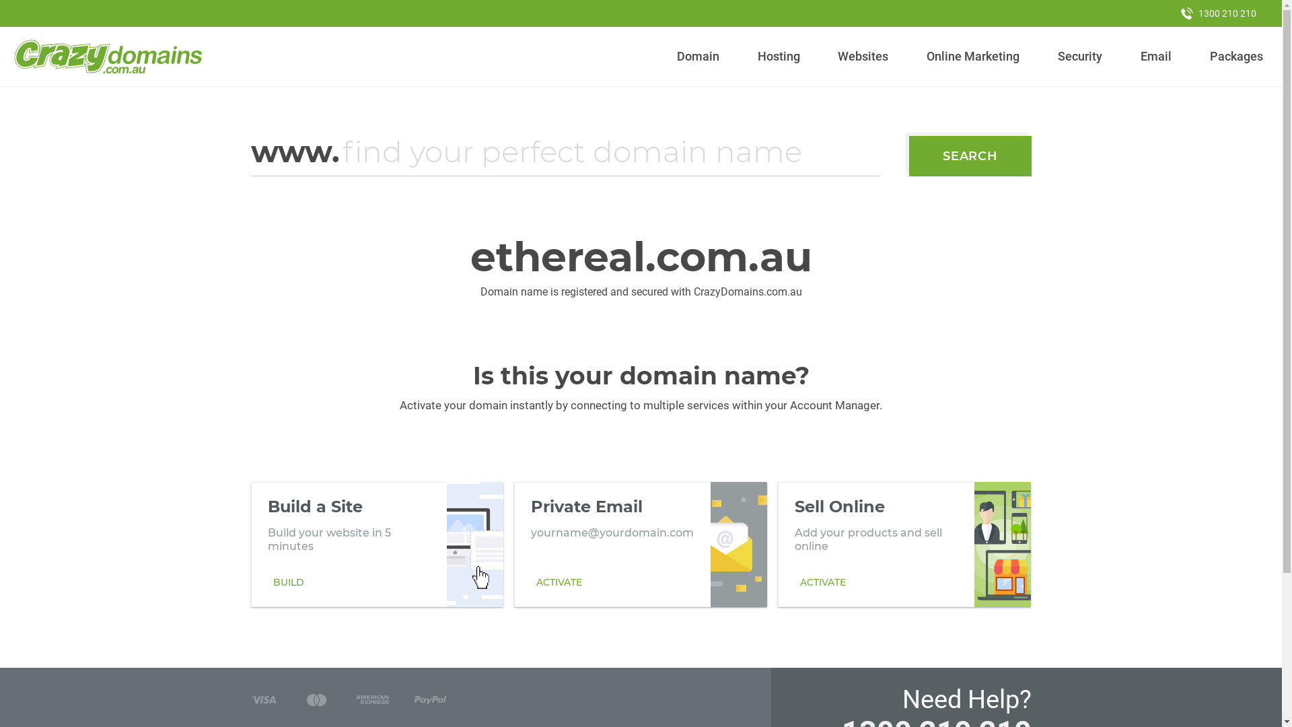  I want to click on 'SEARCH', so click(970, 155).